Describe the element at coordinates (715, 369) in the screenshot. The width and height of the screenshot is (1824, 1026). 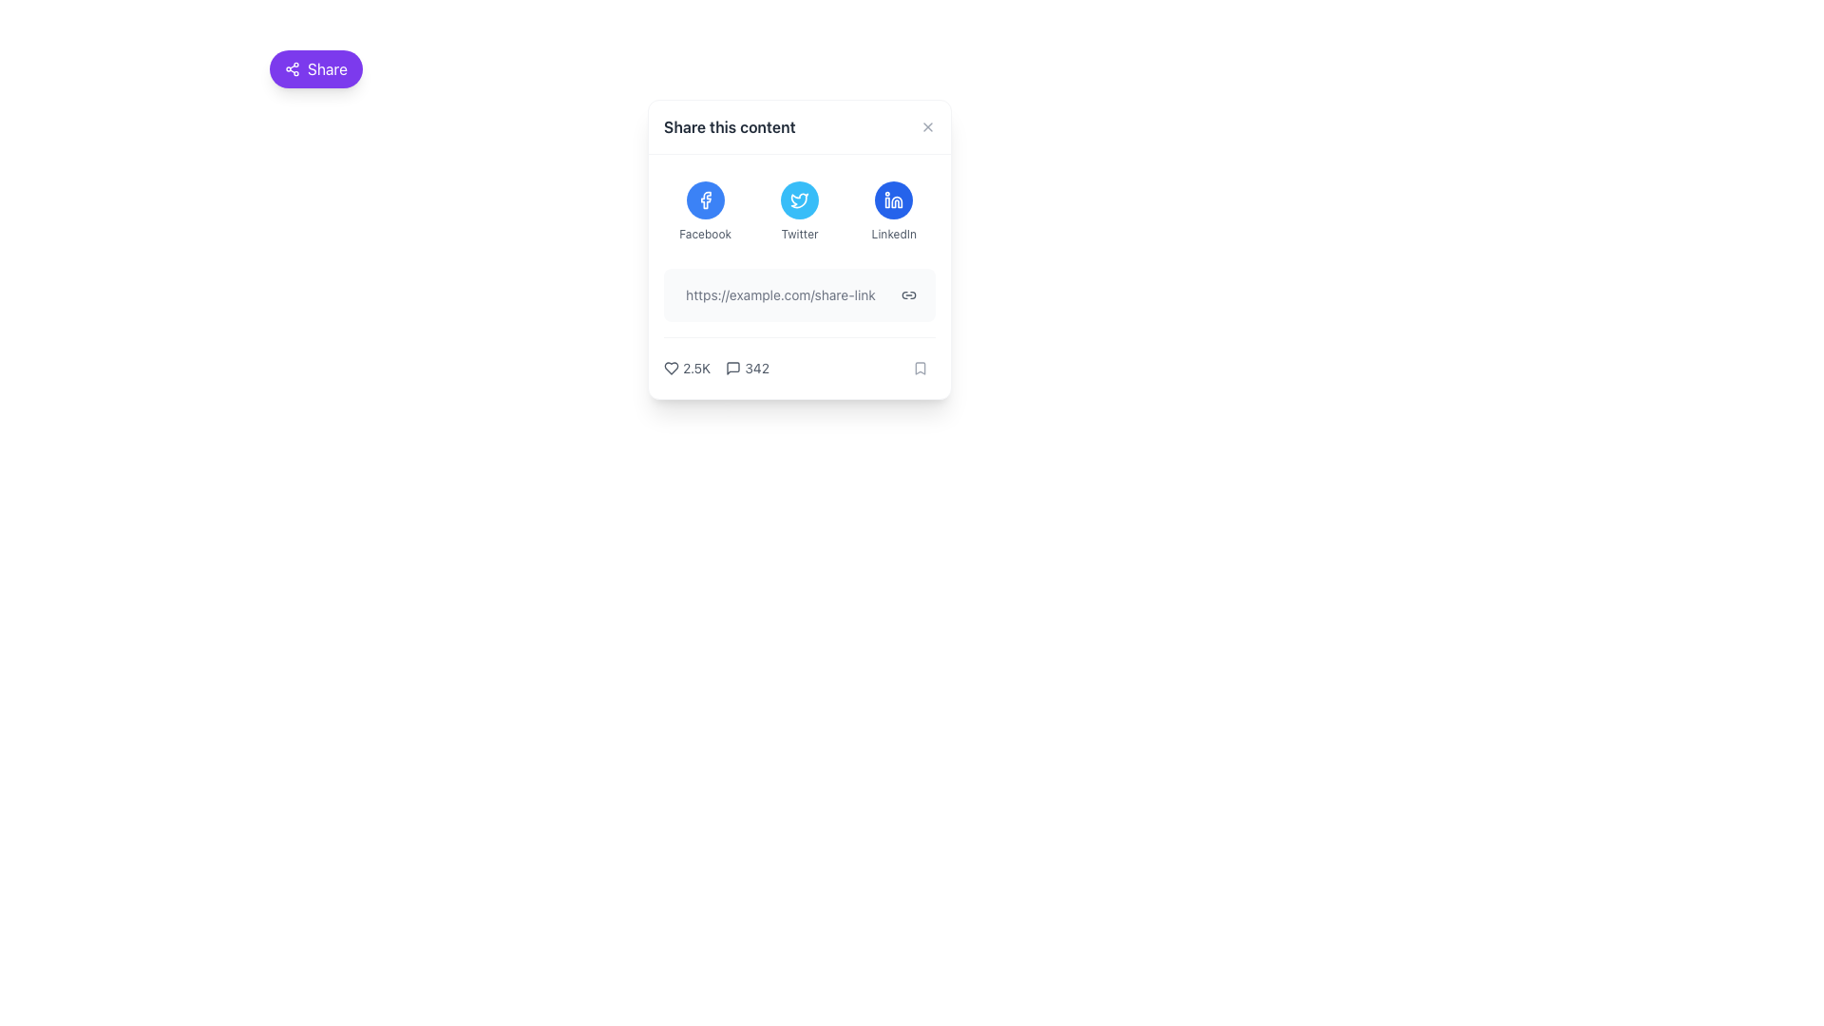
I see `the heart icon in the interactive icons and text counts component to like the content` at that location.